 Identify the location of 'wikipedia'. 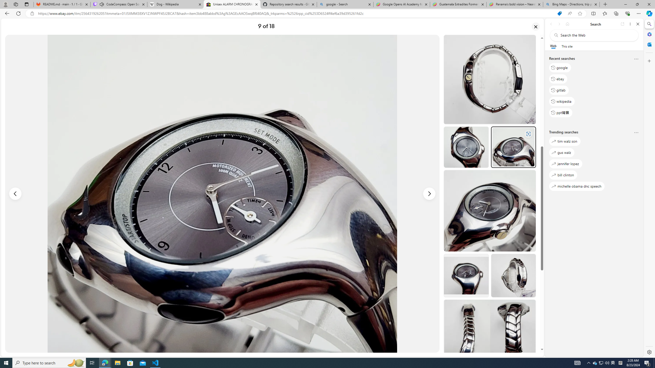
(562, 101).